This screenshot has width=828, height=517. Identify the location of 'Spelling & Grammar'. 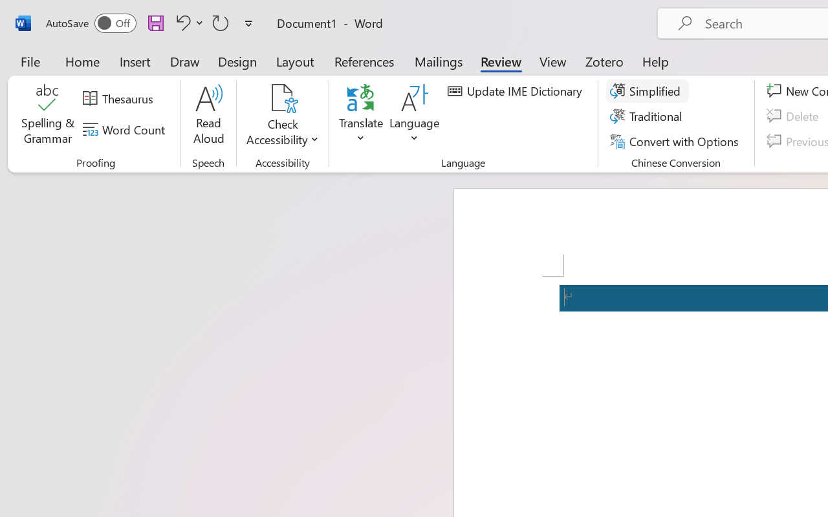
(48, 116).